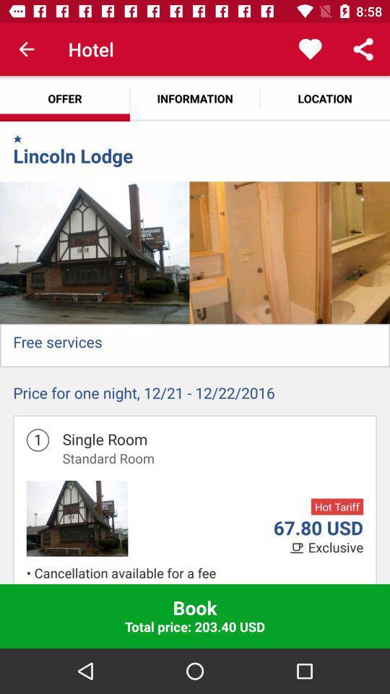  Describe the element at coordinates (26, 49) in the screenshot. I see `app to the left of the hotel` at that location.